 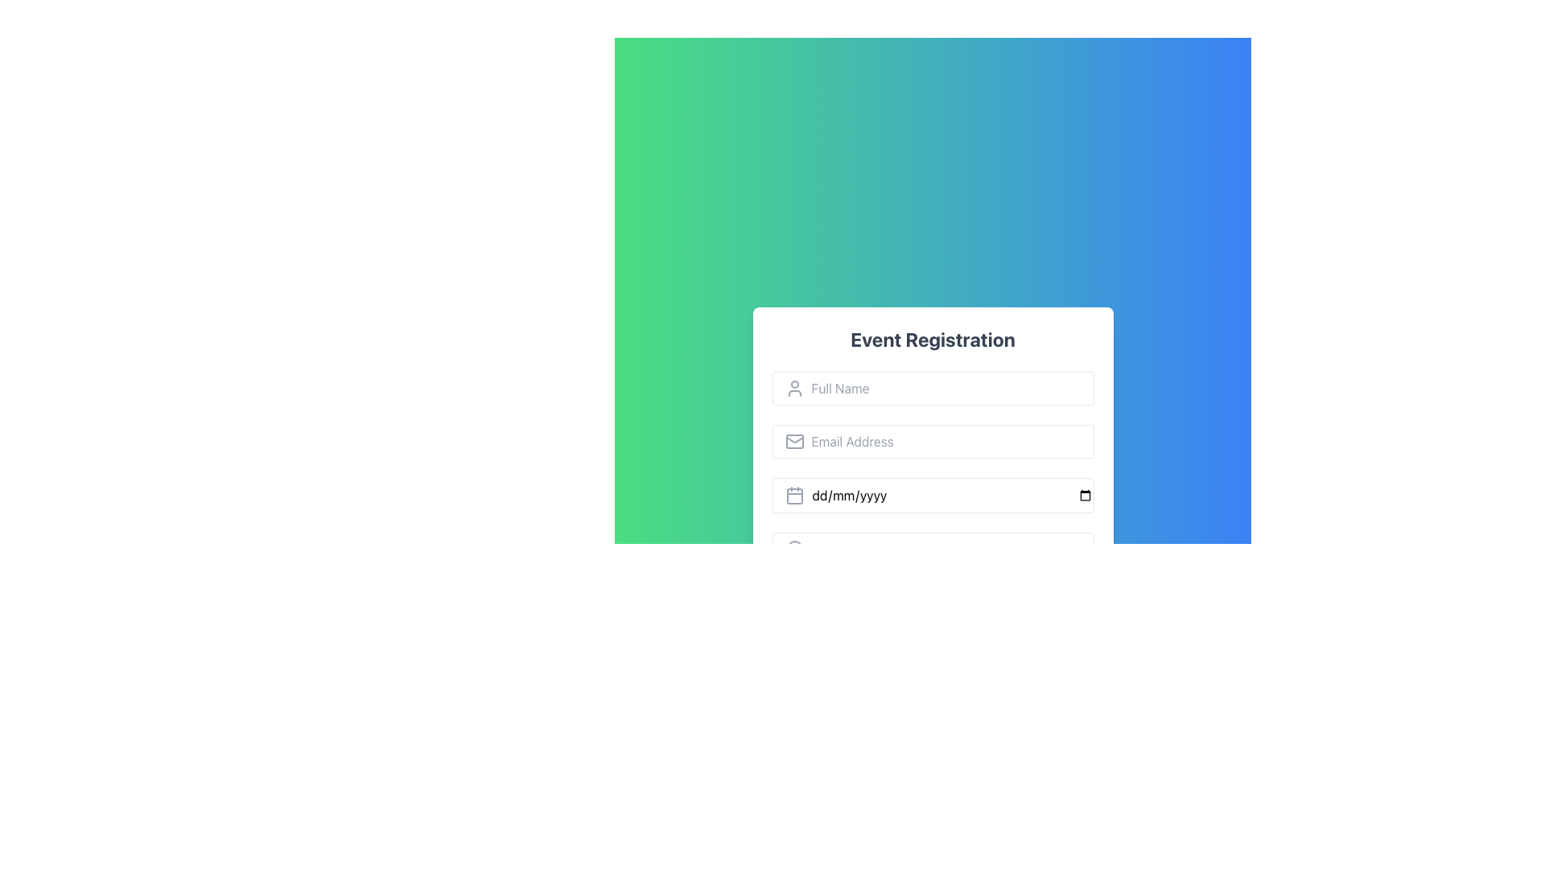 I want to click on the mail icon, which is a light gray outlined envelope located to the left of the 'Email Address' input field in the second input field from the top of the form, so click(x=794, y=441).